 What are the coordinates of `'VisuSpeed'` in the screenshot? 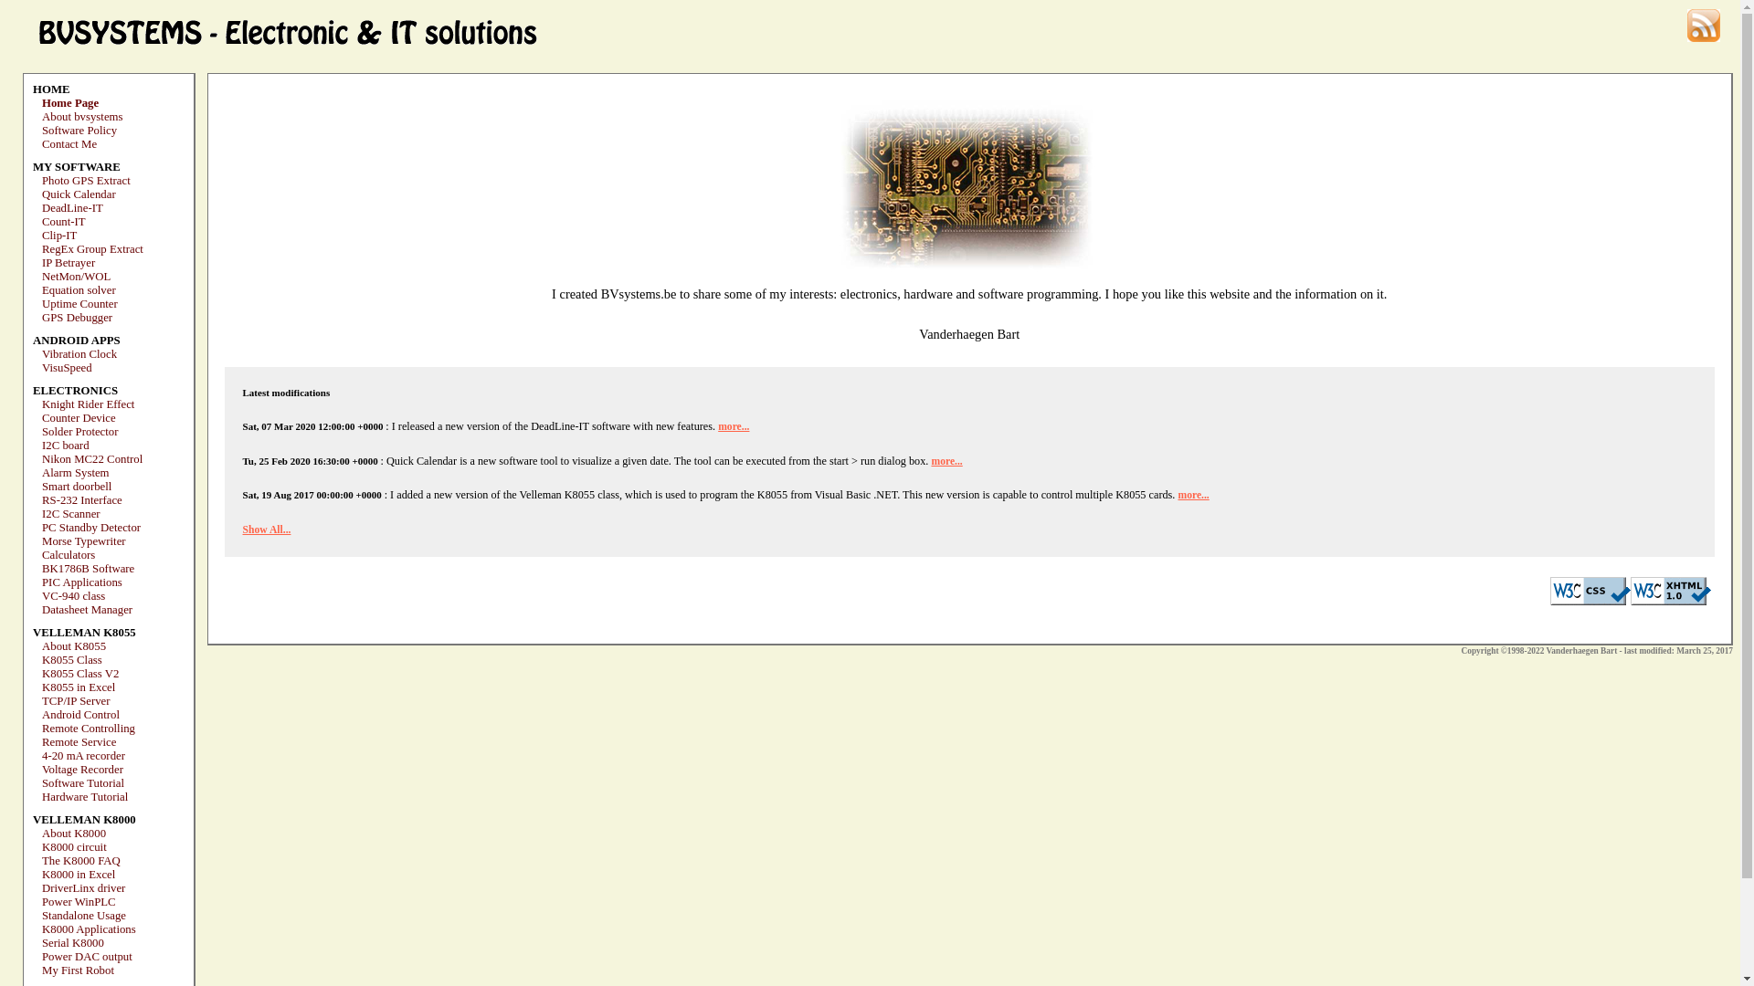 It's located at (67, 367).